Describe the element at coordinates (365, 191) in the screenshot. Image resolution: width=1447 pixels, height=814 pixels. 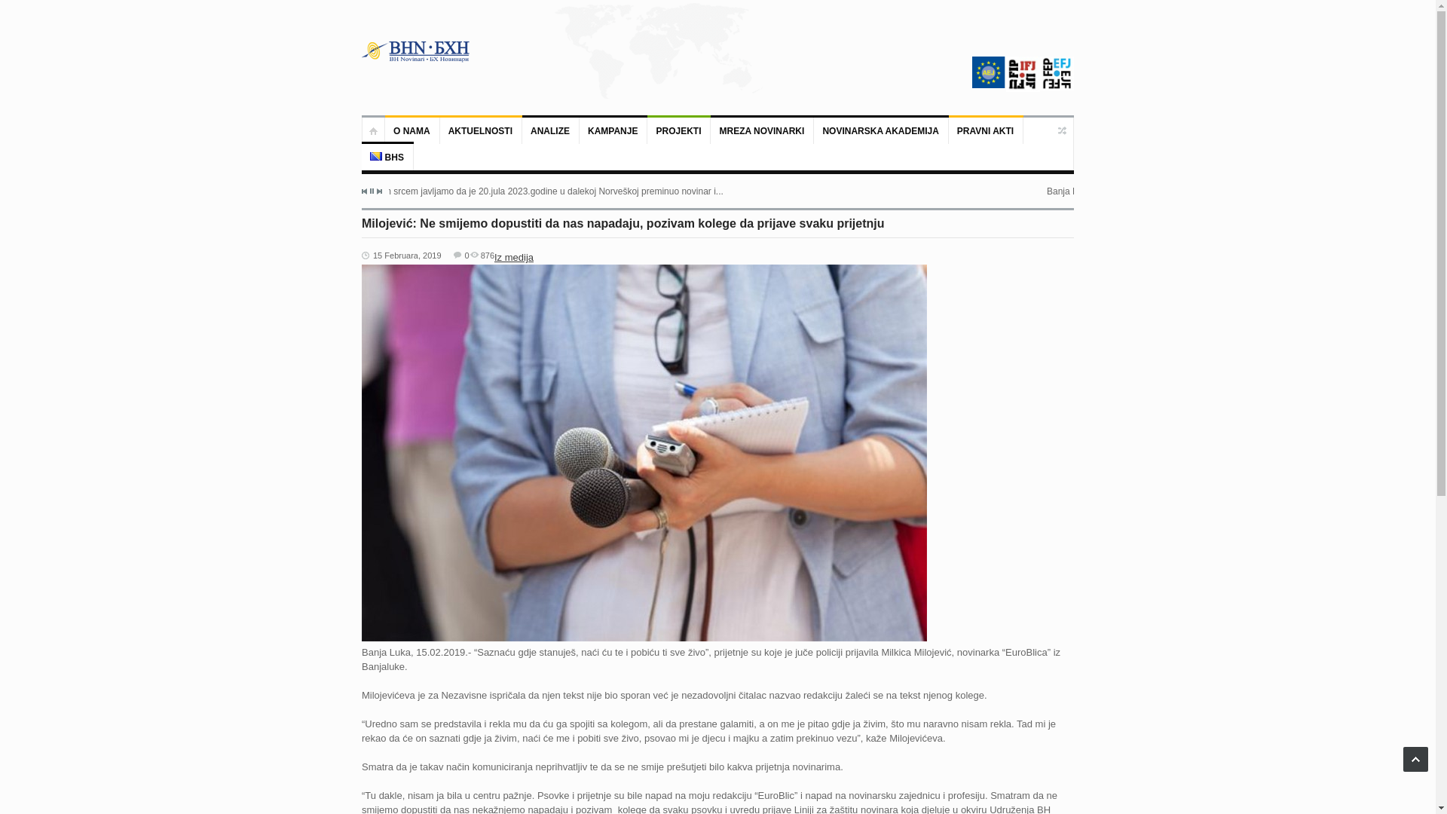
I see `'Previous'` at that location.